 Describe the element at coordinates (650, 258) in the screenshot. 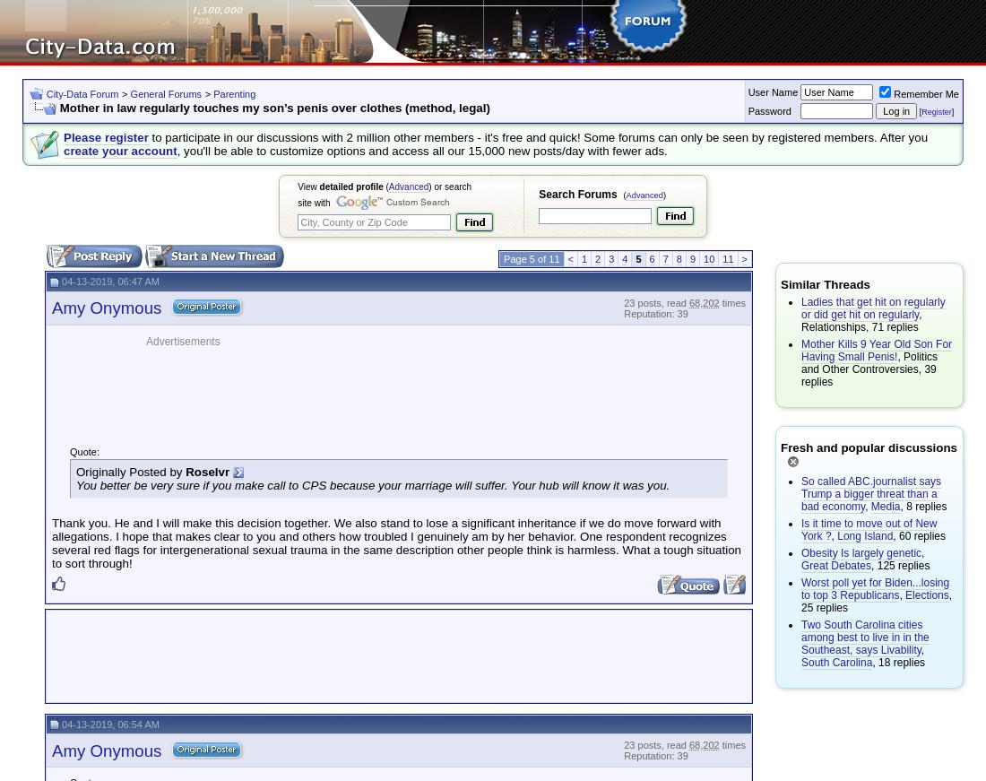

I see `'6'` at that location.